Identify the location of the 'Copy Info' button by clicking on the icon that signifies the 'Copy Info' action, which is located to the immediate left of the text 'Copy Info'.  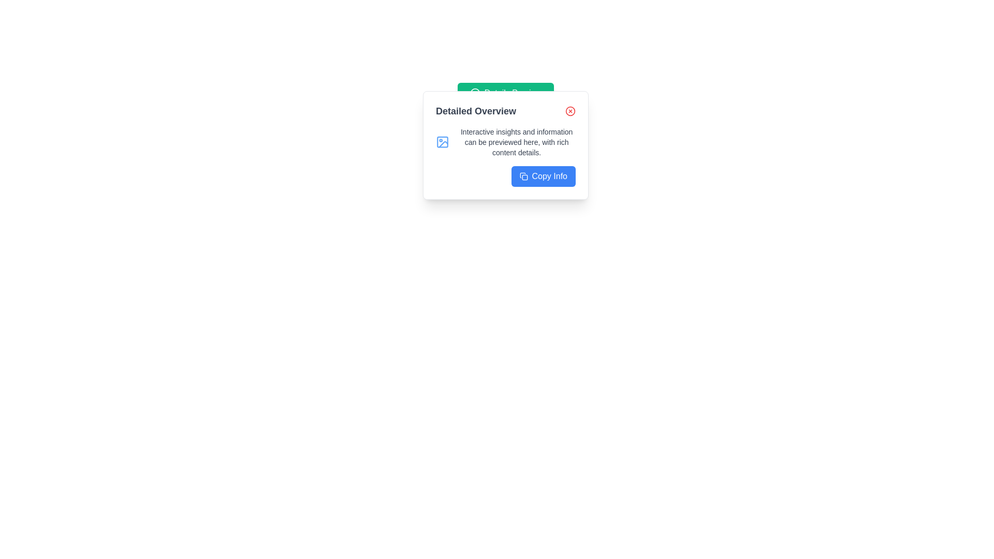
(523, 175).